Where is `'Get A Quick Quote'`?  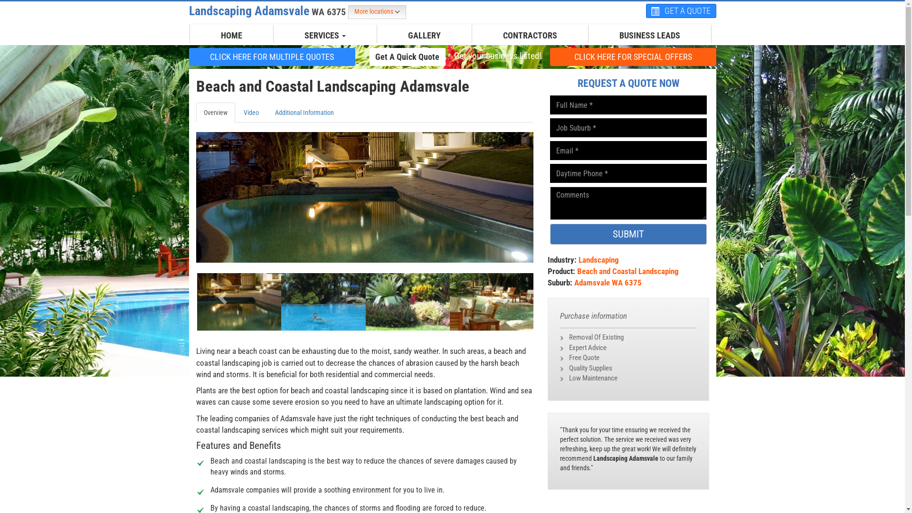
'Get A Quick Quote' is located at coordinates (369, 57).